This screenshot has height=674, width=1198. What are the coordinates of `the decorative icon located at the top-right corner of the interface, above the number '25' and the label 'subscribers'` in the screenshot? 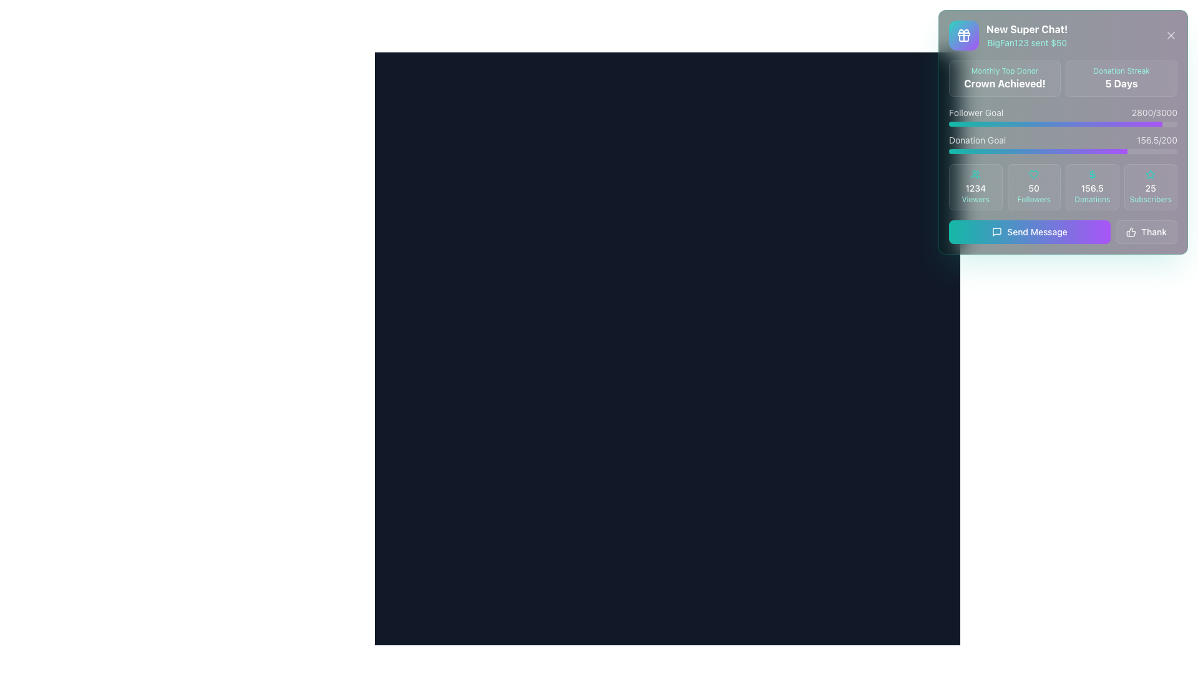 It's located at (1150, 175).